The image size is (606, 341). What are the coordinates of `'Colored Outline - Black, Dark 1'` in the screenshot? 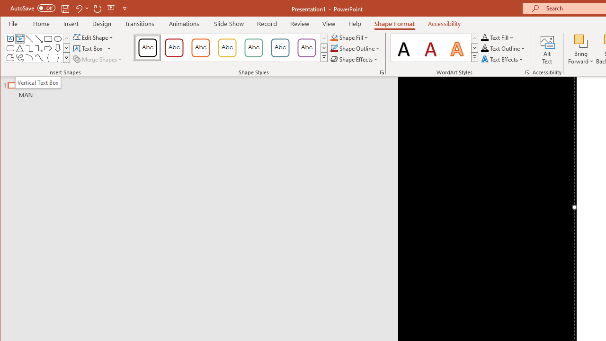 It's located at (147, 47).